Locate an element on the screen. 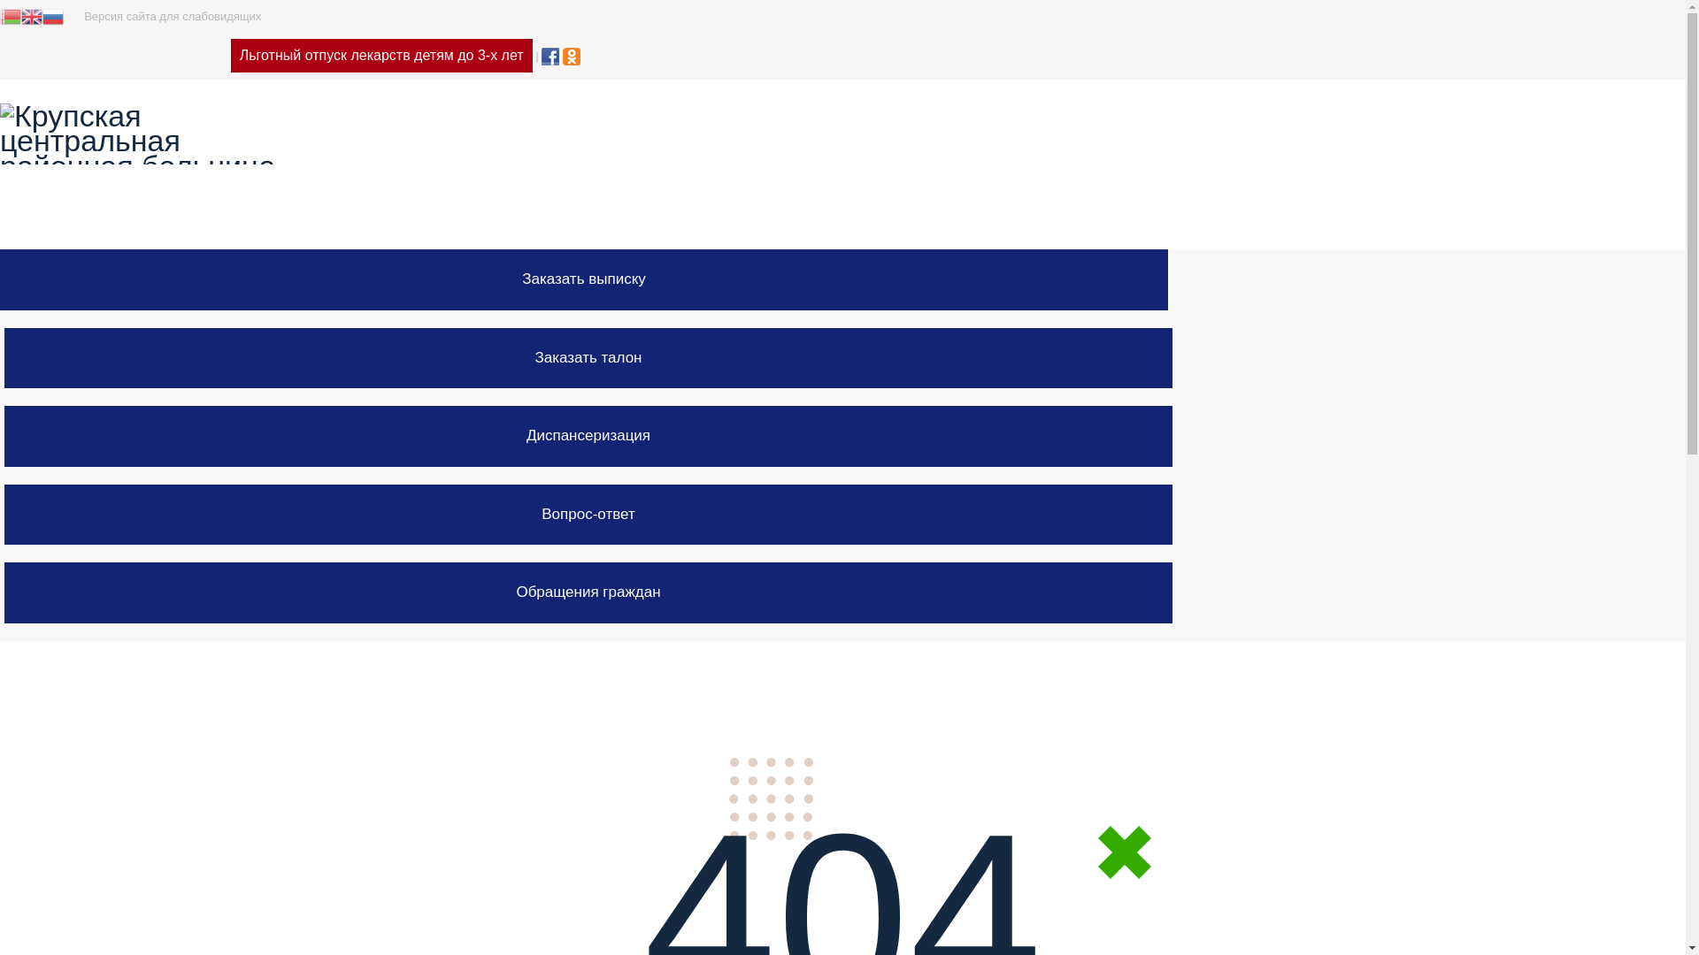  'Belarusian' is located at coordinates (11, 15).